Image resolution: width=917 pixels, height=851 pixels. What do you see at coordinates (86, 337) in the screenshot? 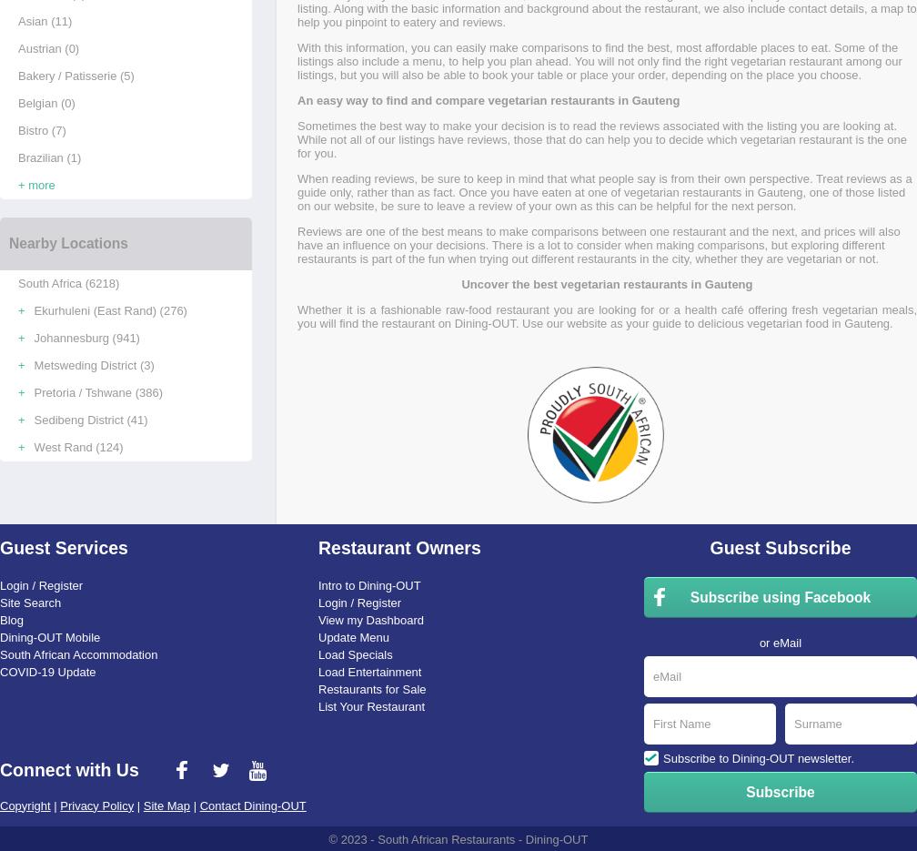
I see `'Johannesburg (941)'` at bounding box center [86, 337].